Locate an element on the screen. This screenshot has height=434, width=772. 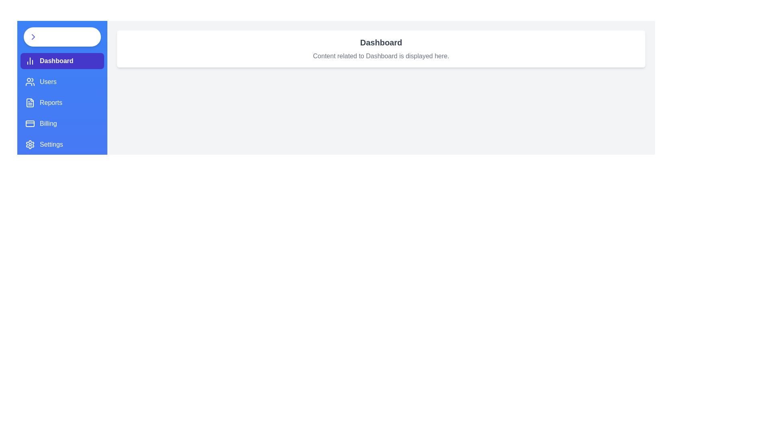
the Billing tab to observe the hover effect is located at coordinates (62, 124).